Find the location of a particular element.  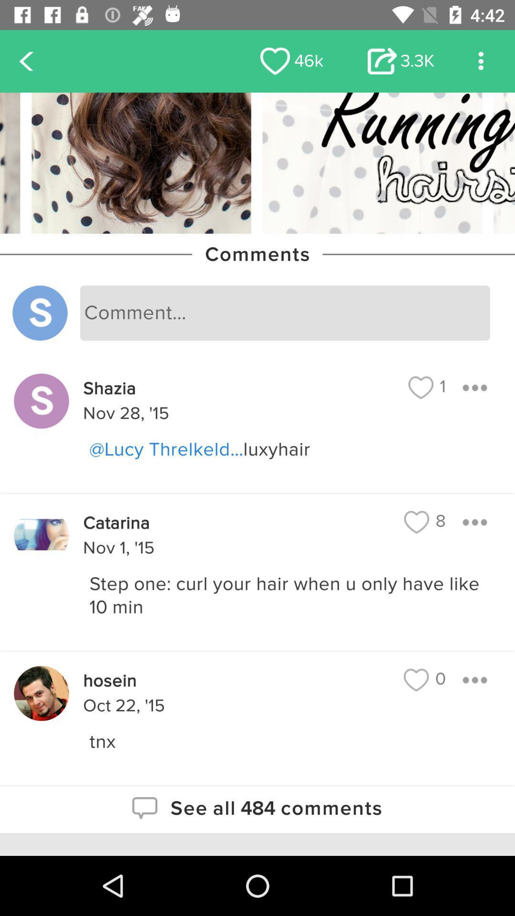

input your comment is located at coordinates (284, 313).